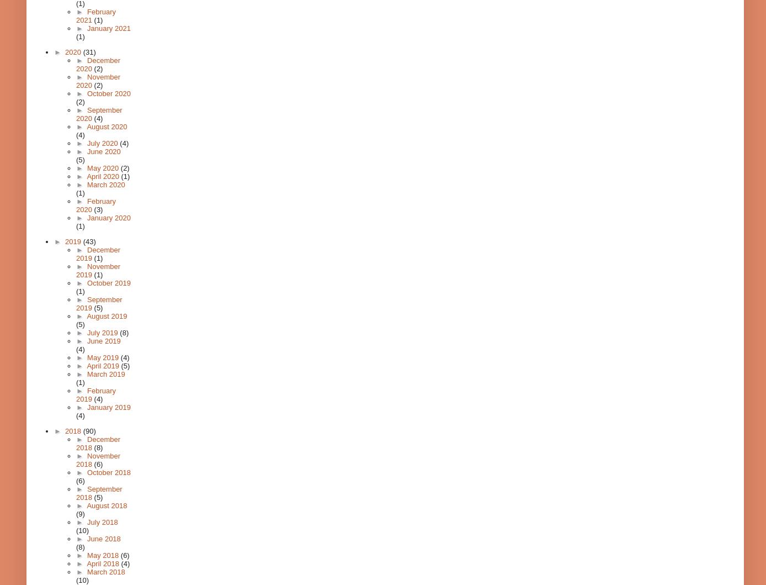 This screenshot has width=766, height=585. What do you see at coordinates (105, 571) in the screenshot?
I see `'March 2018'` at bounding box center [105, 571].